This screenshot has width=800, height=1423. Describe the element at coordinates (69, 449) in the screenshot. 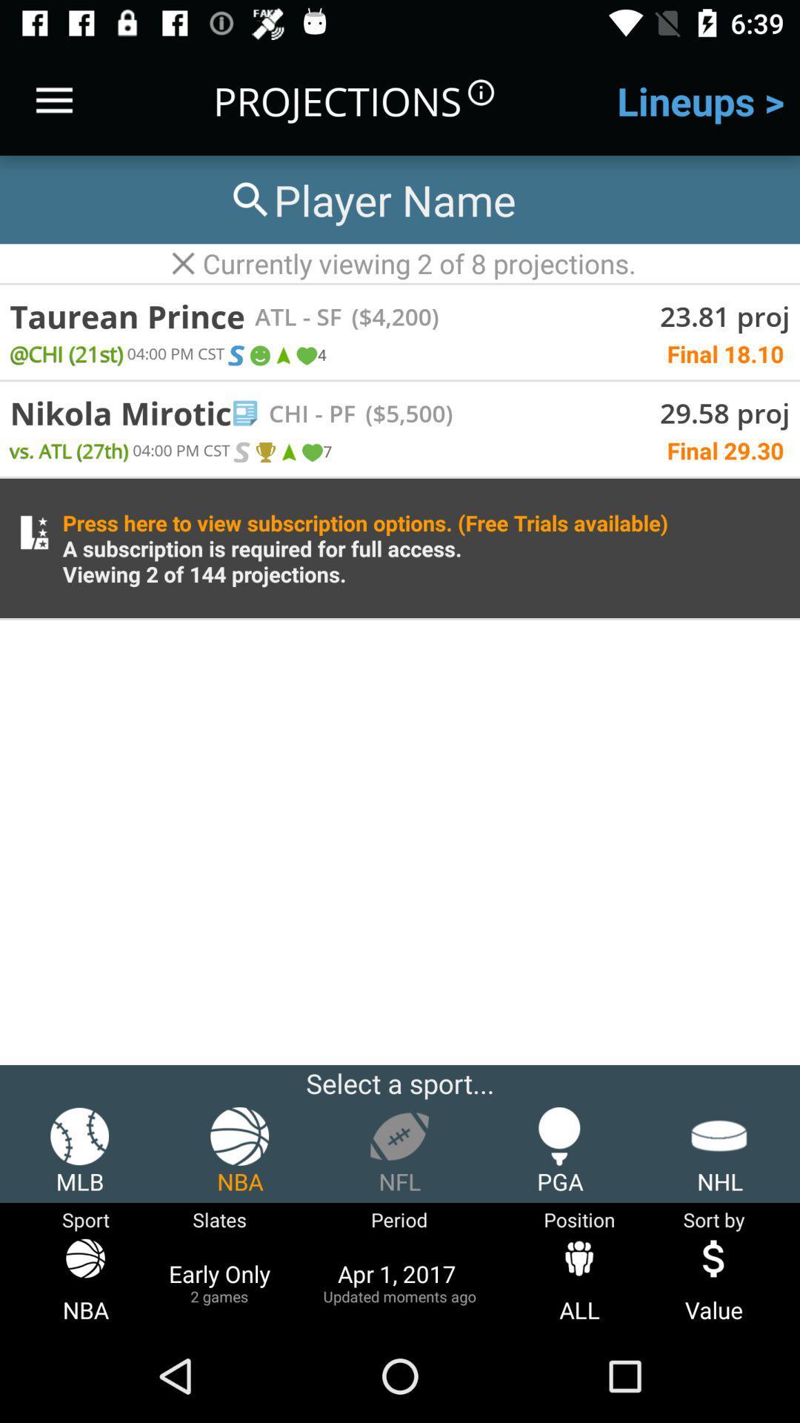

I see `the item below nikola mirotic icon` at that location.